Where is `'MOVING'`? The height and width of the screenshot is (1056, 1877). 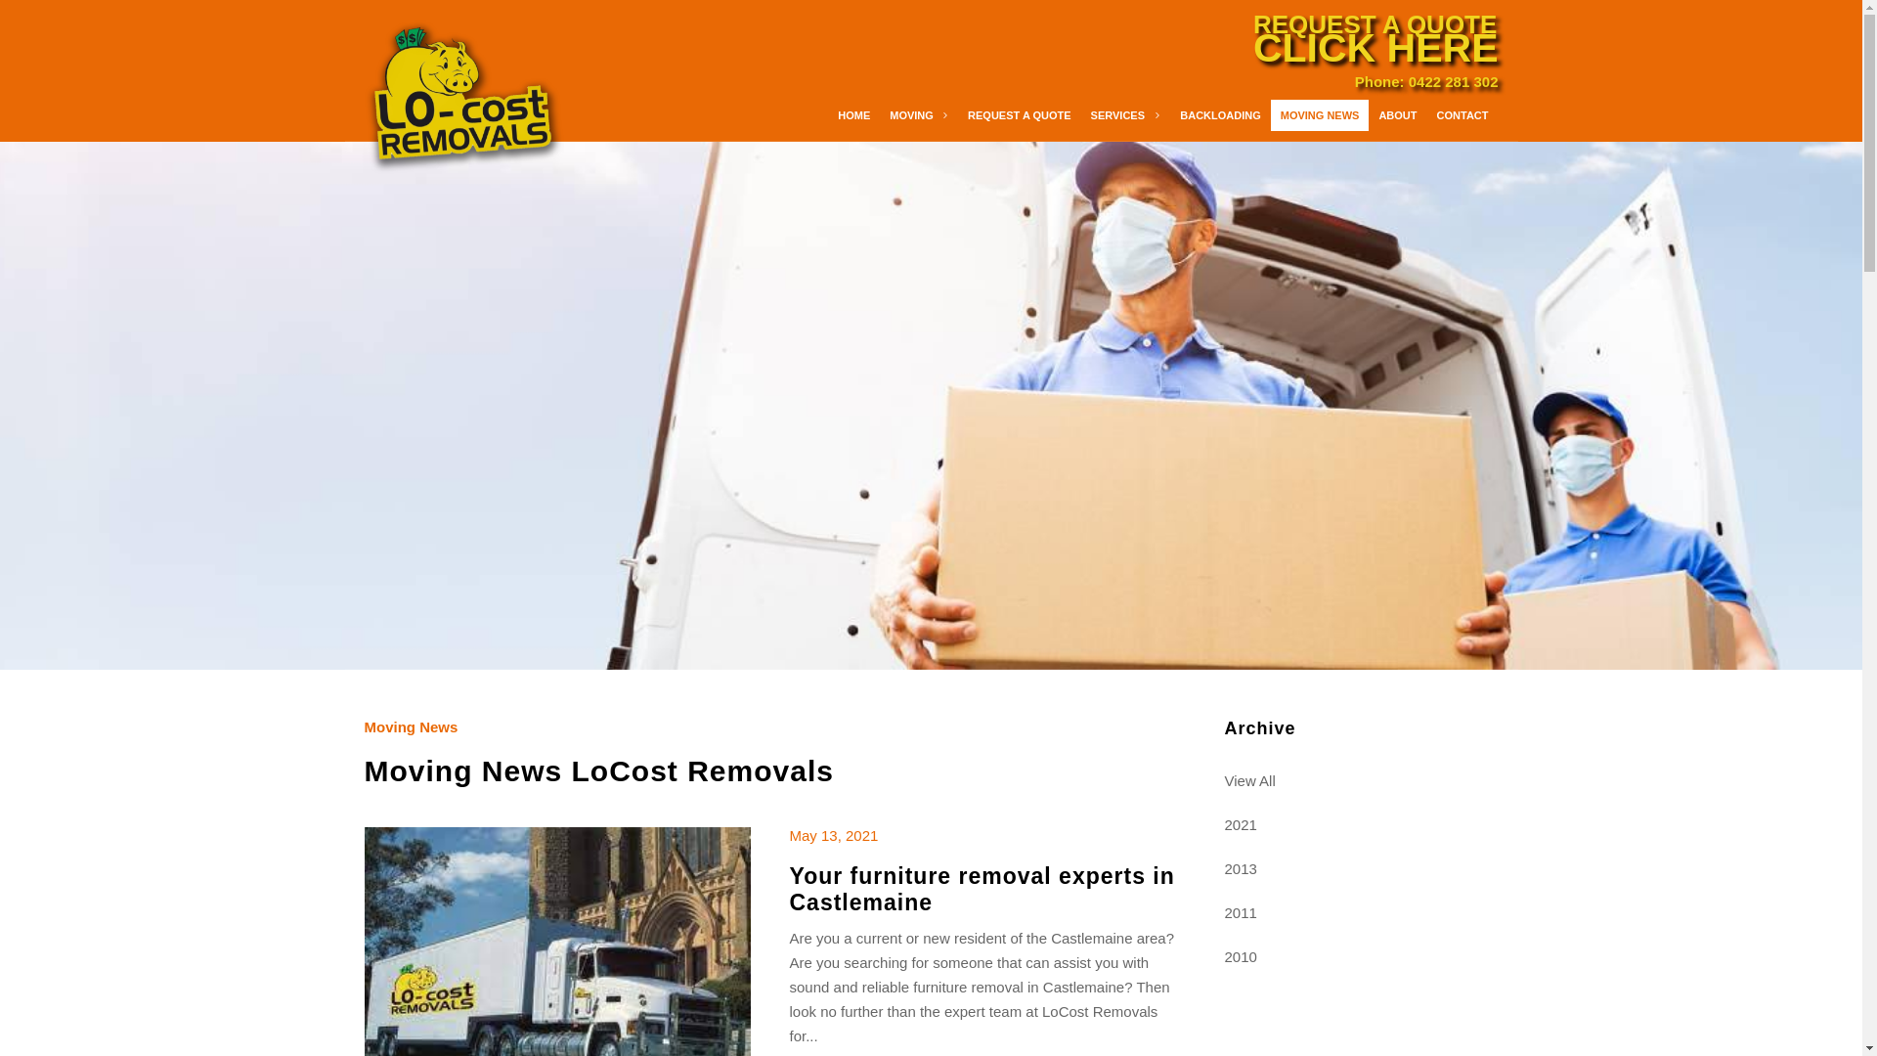 'MOVING' is located at coordinates (918, 115).